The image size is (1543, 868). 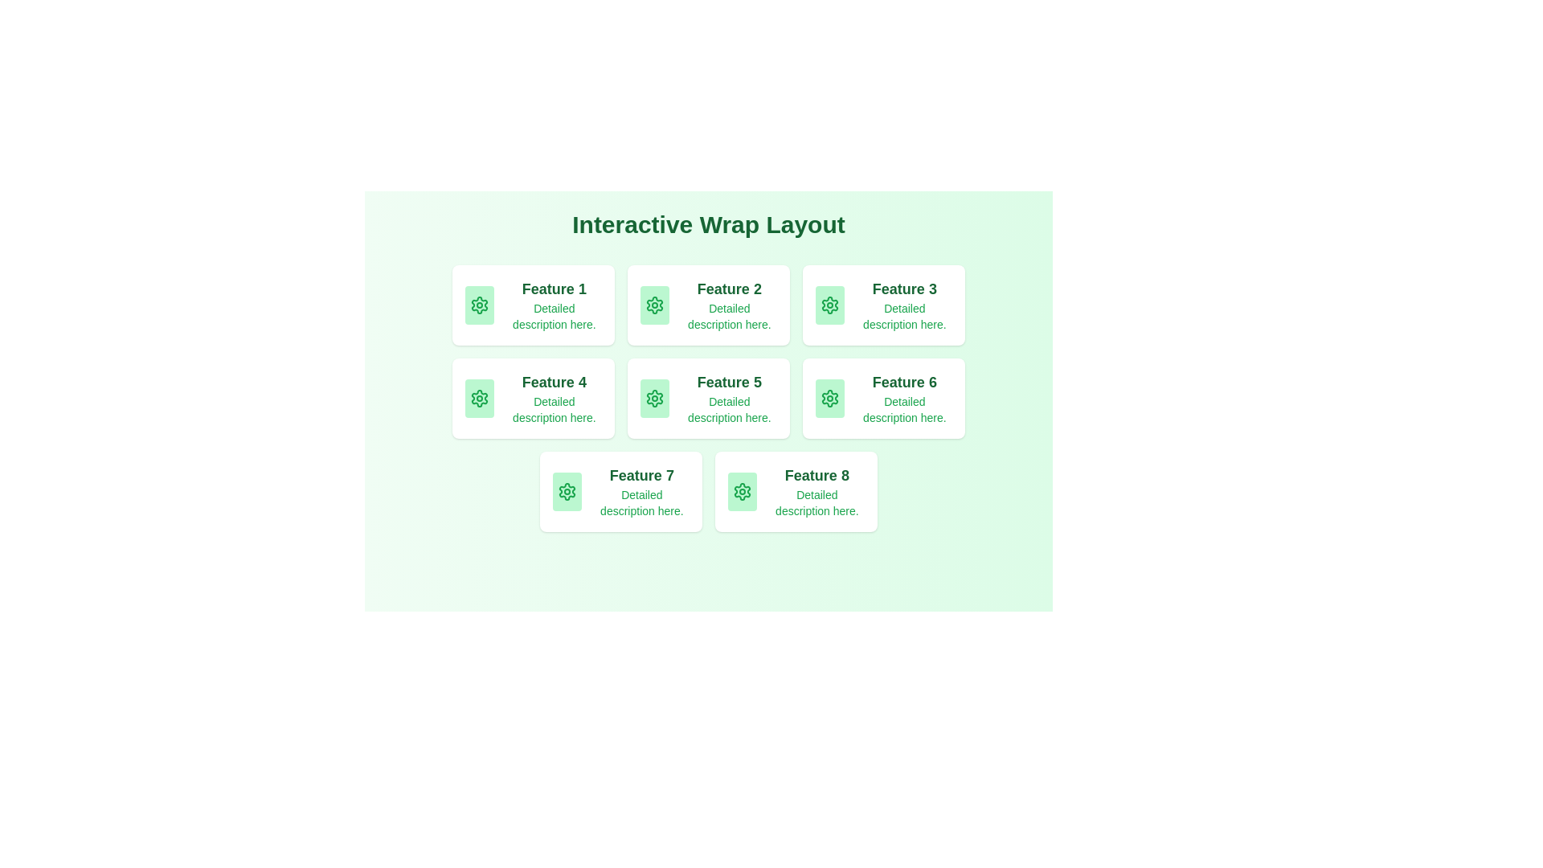 What do you see at coordinates (817, 491) in the screenshot?
I see `the text block labeled 'Feature 8' which contains bold green text and a smaller description below it, located in the bottom row of the grid layout as the rightmost card` at bounding box center [817, 491].